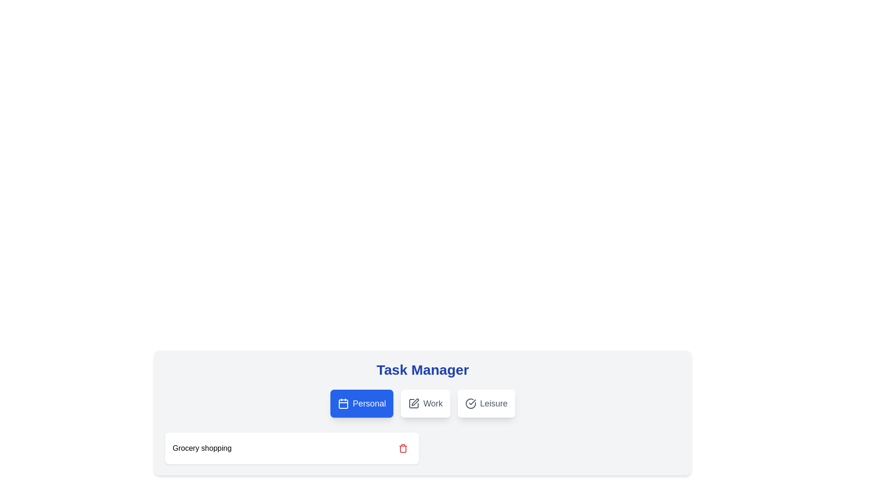  Describe the element at coordinates (425, 403) in the screenshot. I see `the 'Work' button located below the 'Task Manager' heading` at that location.